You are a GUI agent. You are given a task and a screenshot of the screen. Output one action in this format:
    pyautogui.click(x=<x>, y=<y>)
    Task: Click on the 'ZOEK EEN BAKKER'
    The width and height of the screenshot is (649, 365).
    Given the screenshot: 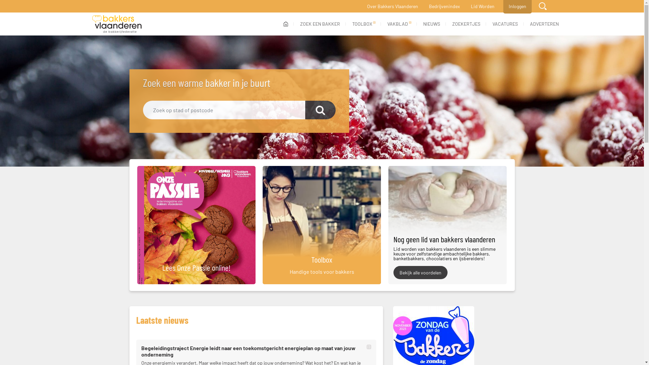 What is the action you would take?
    pyautogui.click(x=319, y=23)
    